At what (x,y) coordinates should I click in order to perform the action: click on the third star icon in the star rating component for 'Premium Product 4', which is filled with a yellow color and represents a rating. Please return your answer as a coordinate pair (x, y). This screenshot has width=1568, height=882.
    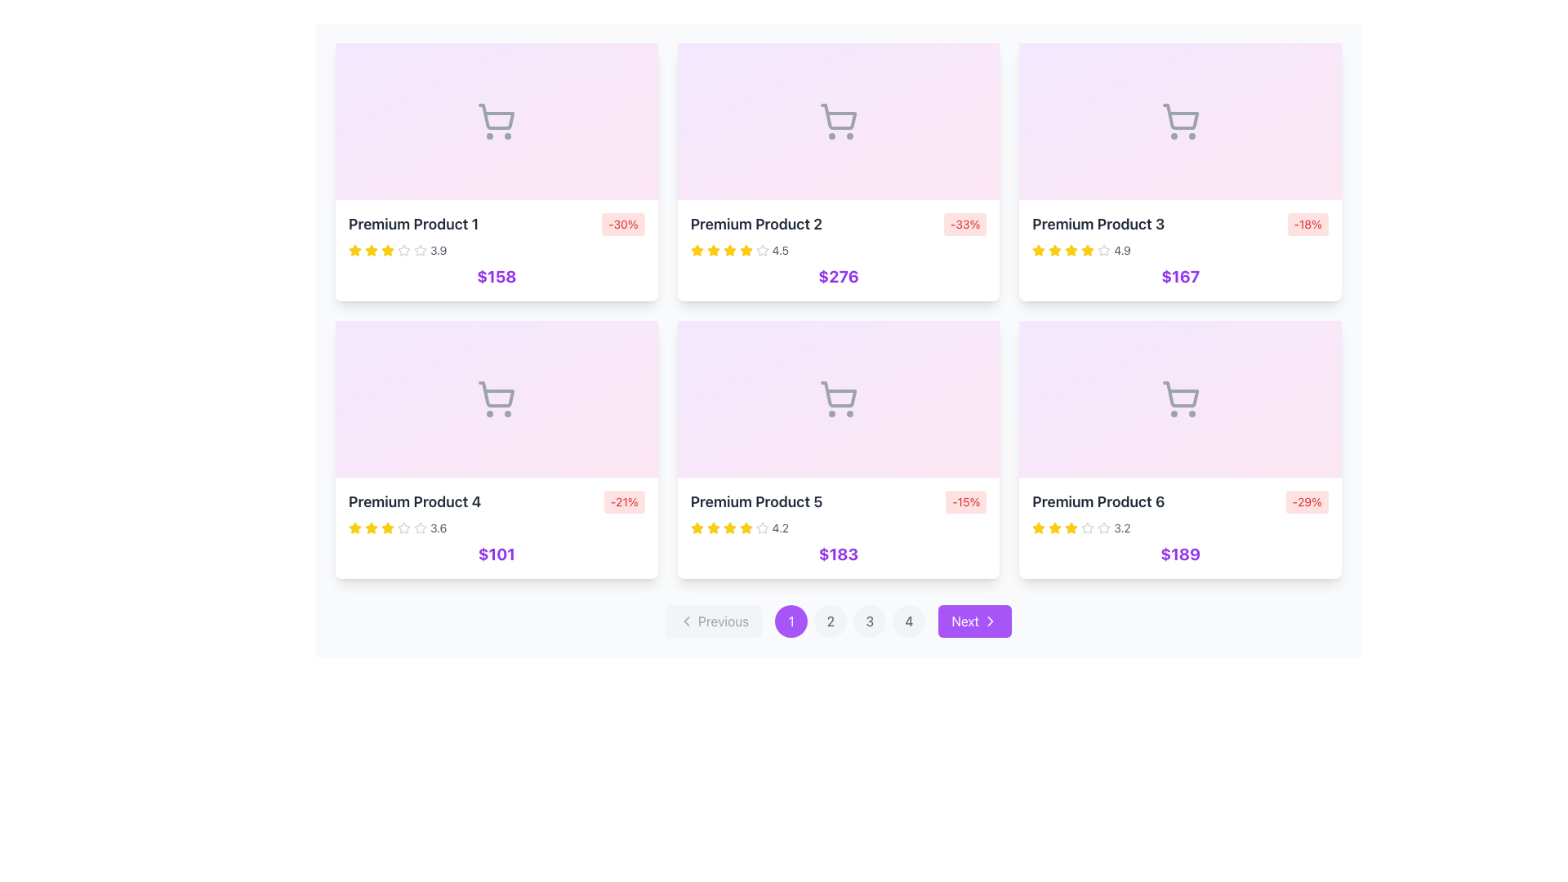
    Looking at the image, I should click on (371, 528).